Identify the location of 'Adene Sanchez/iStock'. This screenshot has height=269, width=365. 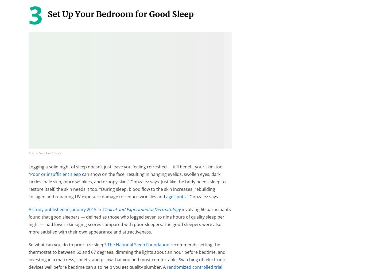
(45, 153).